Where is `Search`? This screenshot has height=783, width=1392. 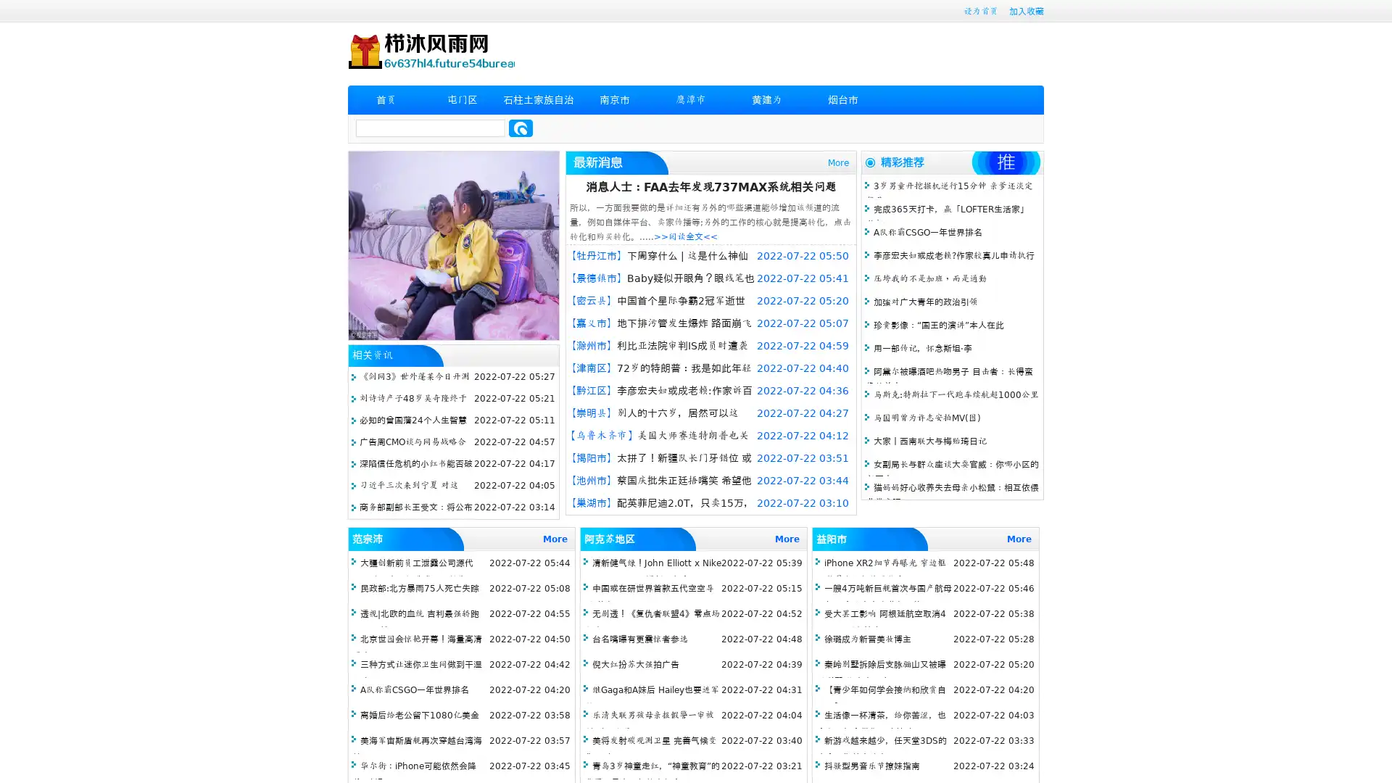 Search is located at coordinates (521, 128).